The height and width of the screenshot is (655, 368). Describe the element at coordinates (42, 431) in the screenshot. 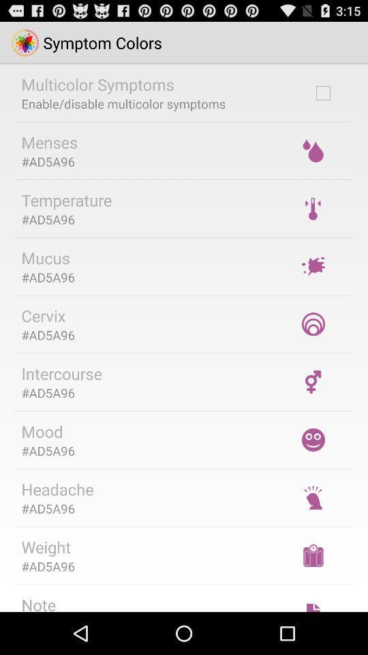

I see `the icon below #ad5a96 item` at that location.